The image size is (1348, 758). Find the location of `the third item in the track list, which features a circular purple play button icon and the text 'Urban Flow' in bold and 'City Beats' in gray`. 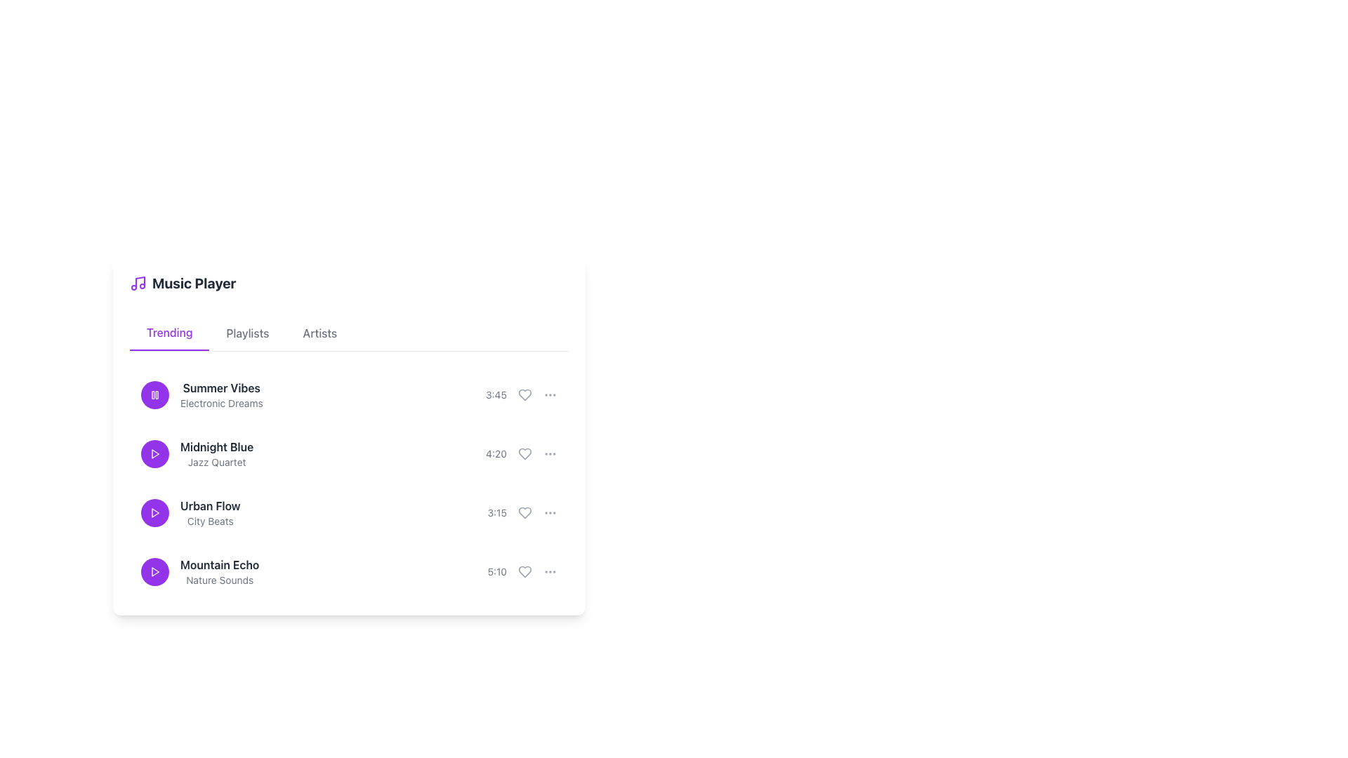

the third item in the track list, which features a circular purple play button icon and the text 'Urban Flow' in bold and 'City Beats' in gray is located at coordinates (190, 513).